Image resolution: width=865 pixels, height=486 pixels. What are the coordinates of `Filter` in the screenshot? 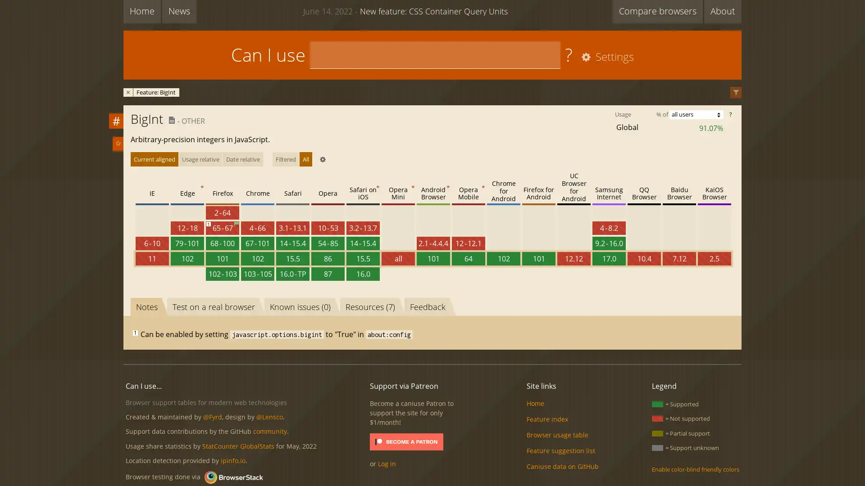 It's located at (736, 92).